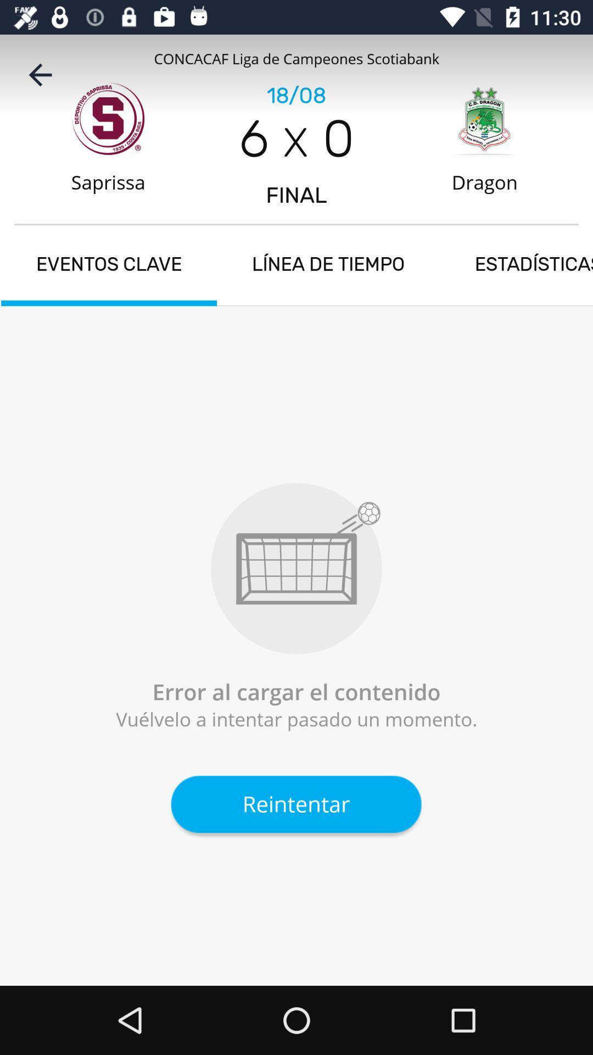 The width and height of the screenshot is (593, 1055). I want to click on icon next to the 18/08, so click(40, 74).